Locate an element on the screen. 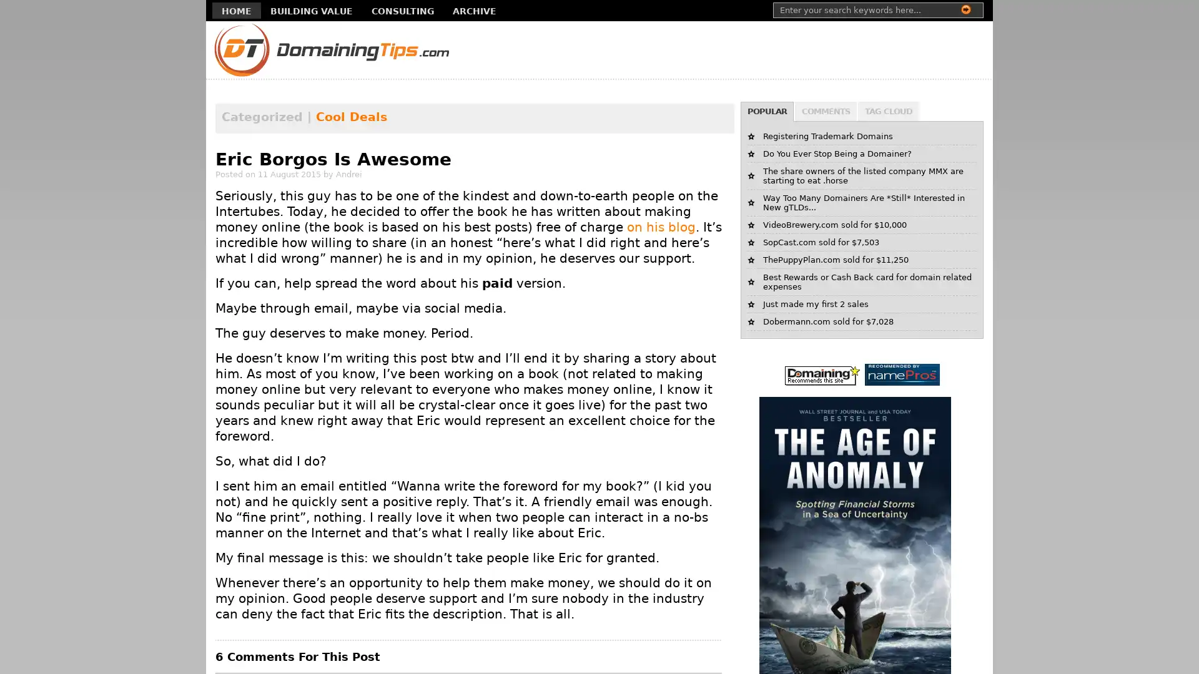 This screenshot has width=1199, height=674. Go is located at coordinates (965, 9).